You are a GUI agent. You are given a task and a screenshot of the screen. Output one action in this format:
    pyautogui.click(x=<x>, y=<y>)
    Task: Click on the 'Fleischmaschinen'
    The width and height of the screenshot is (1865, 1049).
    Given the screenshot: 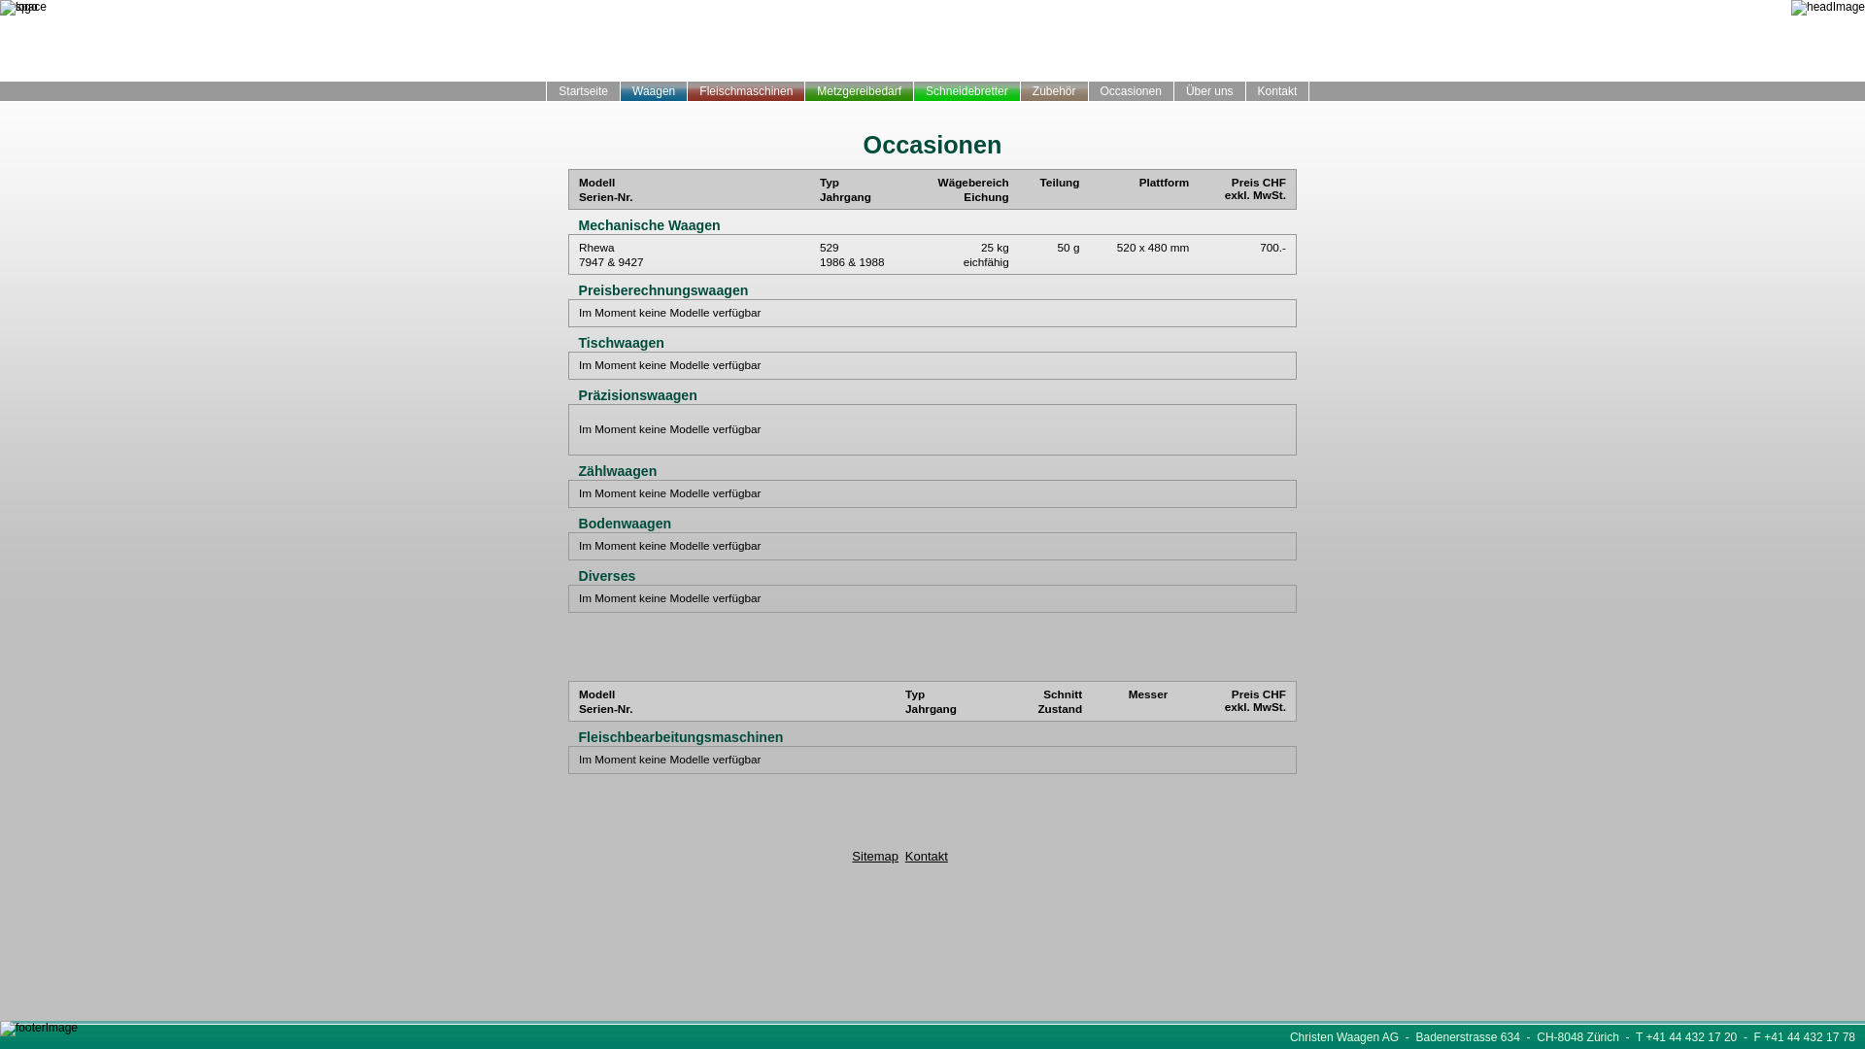 What is the action you would take?
    pyautogui.click(x=688, y=90)
    